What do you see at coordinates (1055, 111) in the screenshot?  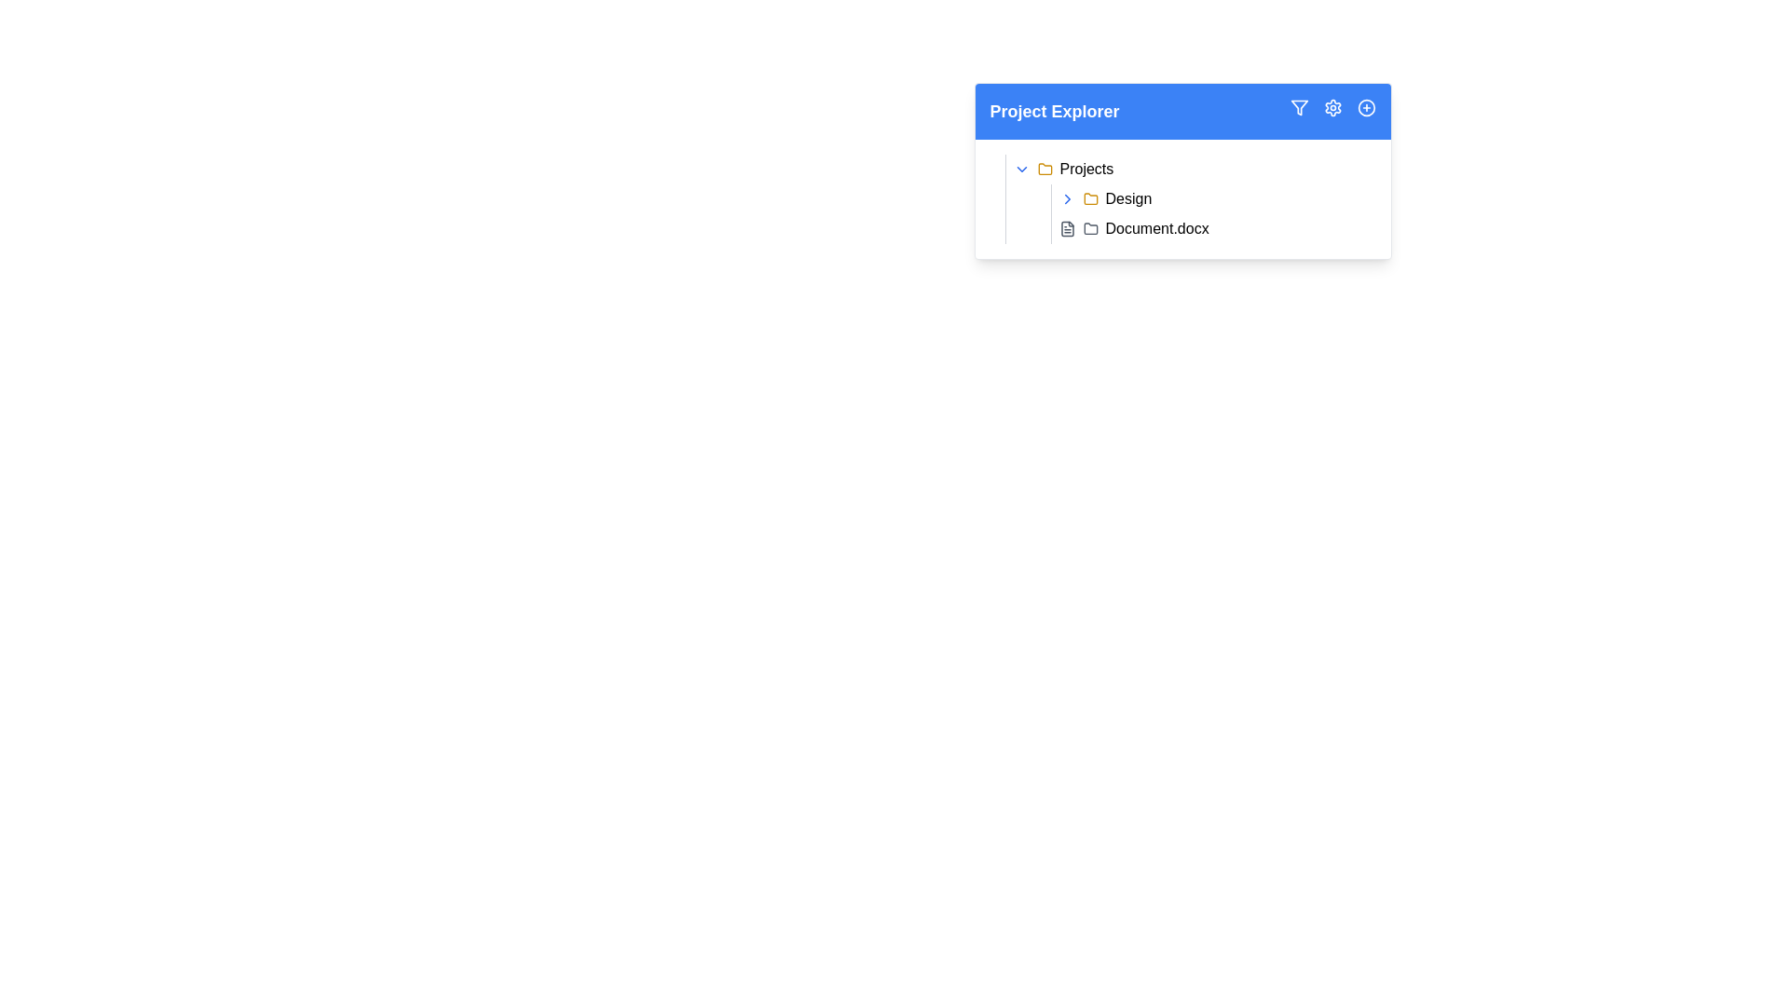 I see `the 'Project Explorer' title label located at the top left of the blue header bar` at bounding box center [1055, 111].